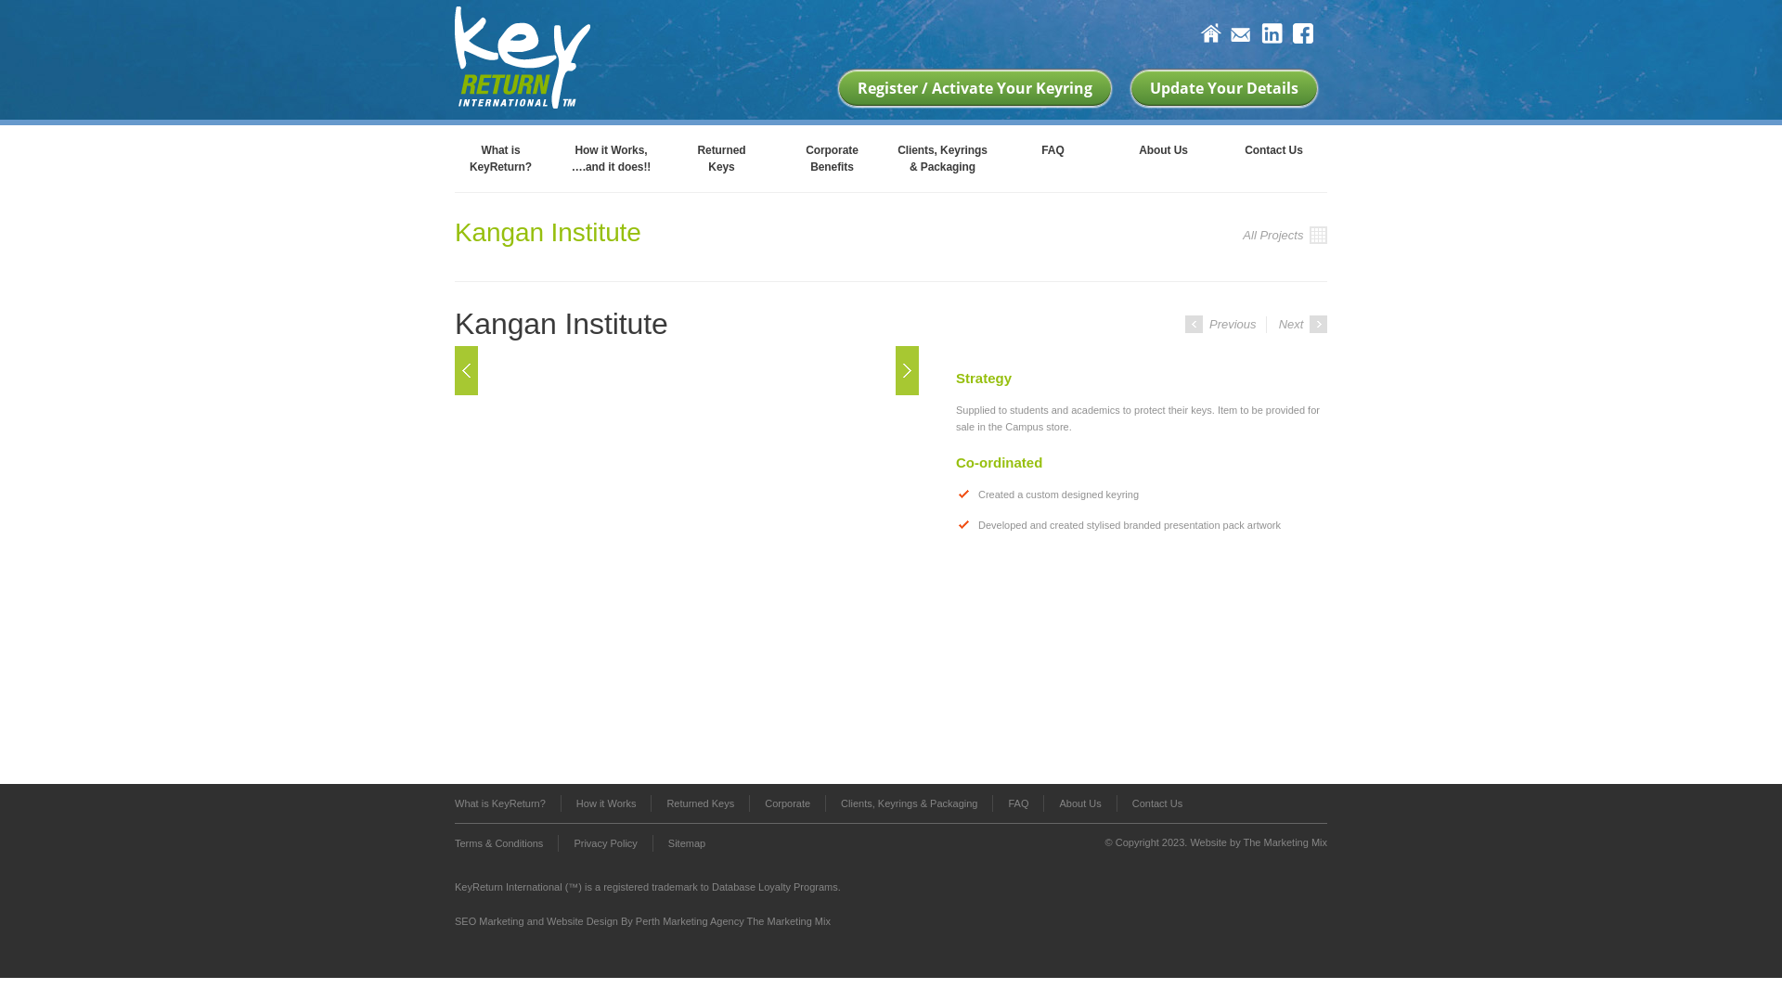 The width and height of the screenshot is (1782, 1002). Describe the element at coordinates (732, 920) in the screenshot. I see `'Perth Marketing Agency The Marketing Mix'` at that location.